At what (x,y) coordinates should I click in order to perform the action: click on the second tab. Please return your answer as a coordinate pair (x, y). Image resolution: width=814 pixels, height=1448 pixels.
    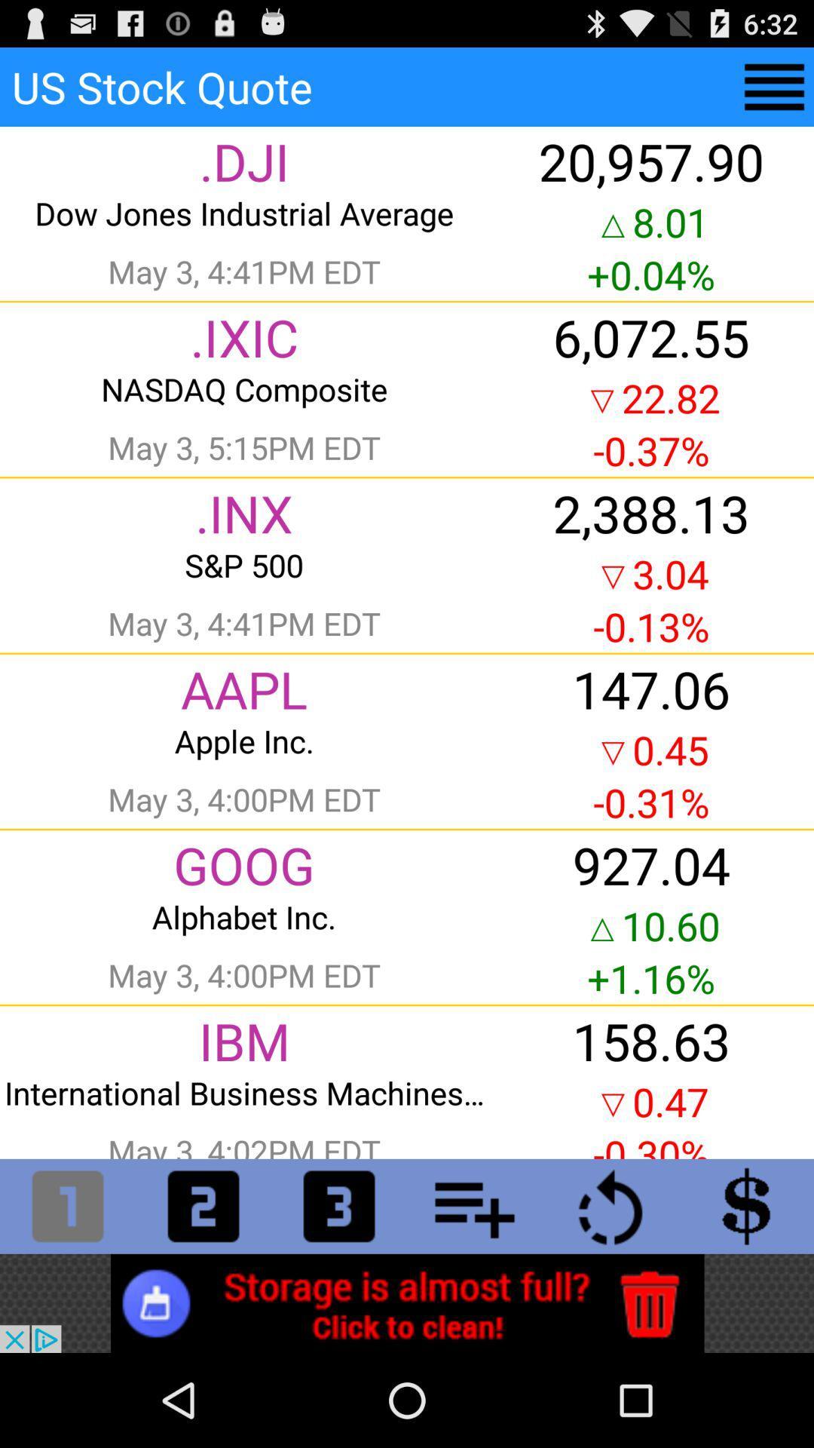
    Looking at the image, I should click on (203, 1205).